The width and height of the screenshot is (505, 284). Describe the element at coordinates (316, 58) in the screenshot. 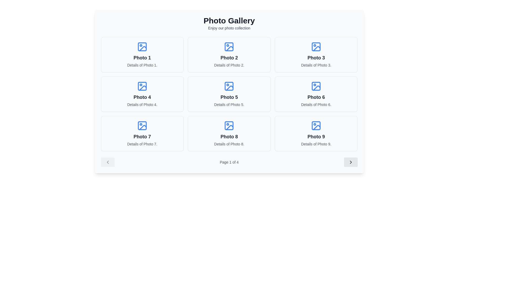

I see `the text label that serves as the title for the photo card, labeled 'Photo 3', located in the third card of the first row of the photo gallery grid layout` at that location.